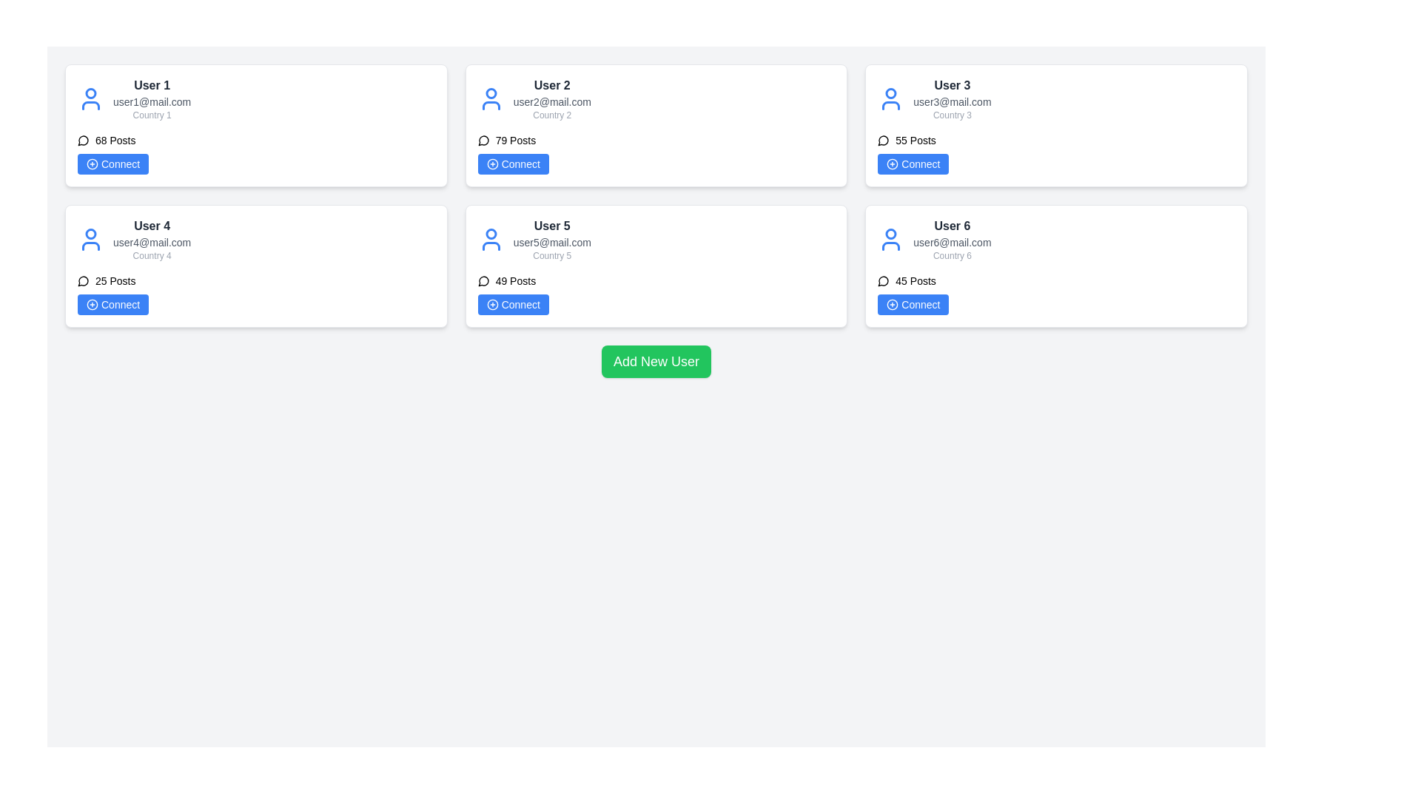 The height and width of the screenshot is (799, 1421). I want to click on the speech bubble icon located in the user card for 'User 2', positioned to the left of the '79 Posts' text, so click(483, 141).